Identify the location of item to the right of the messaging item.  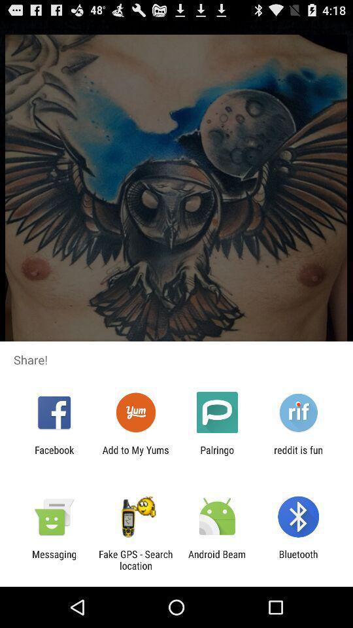
(135, 559).